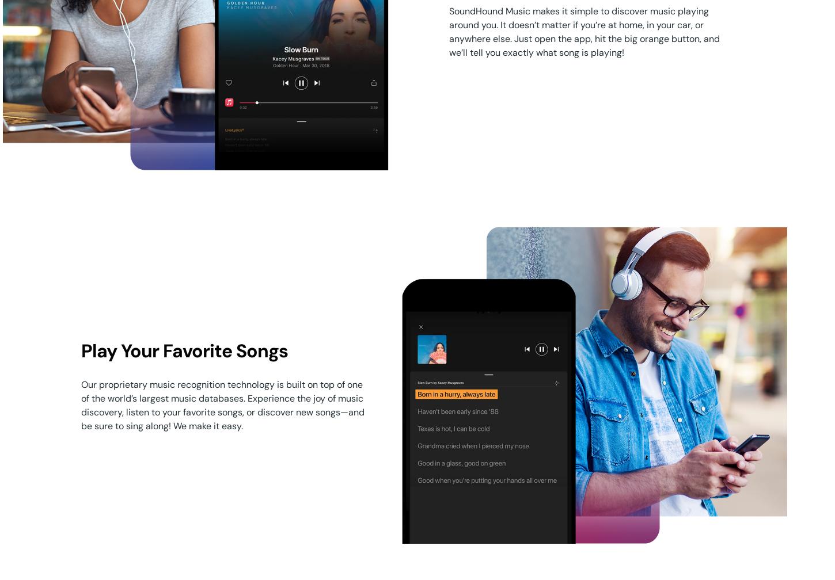 This screenshot has width=835, height=580. I want to click on 'Contact Centers', so click(442, 336).